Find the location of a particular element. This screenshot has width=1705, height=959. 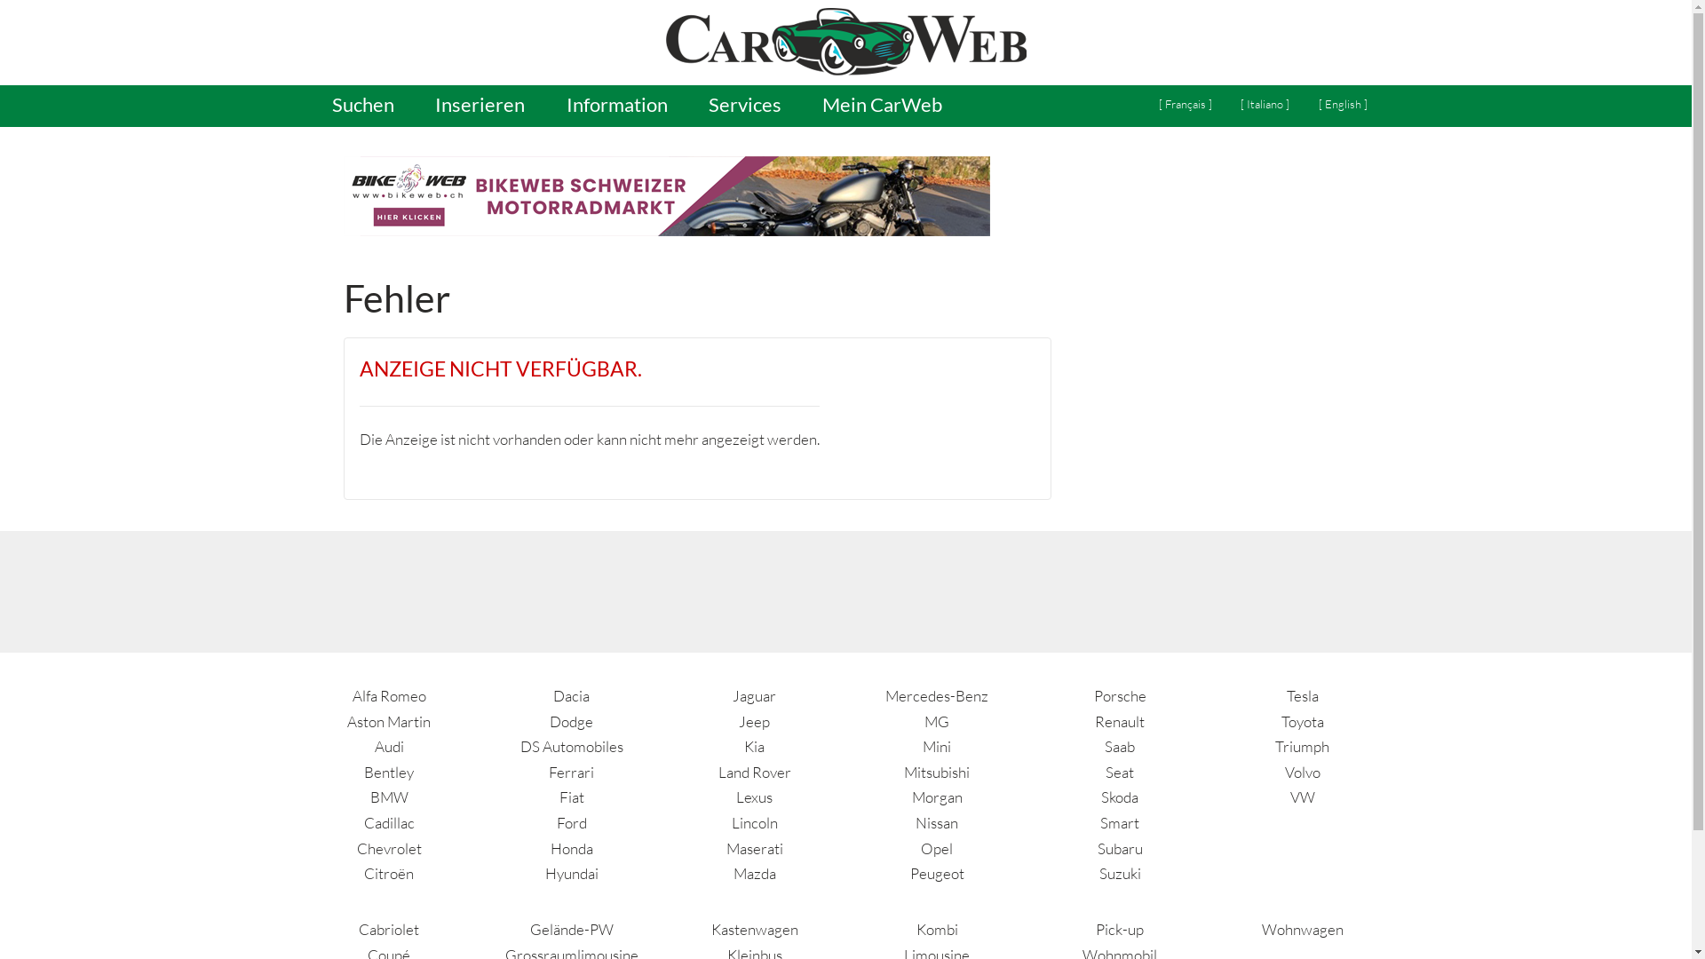

'DS Automobiles' is located at coordinates (519, 746).